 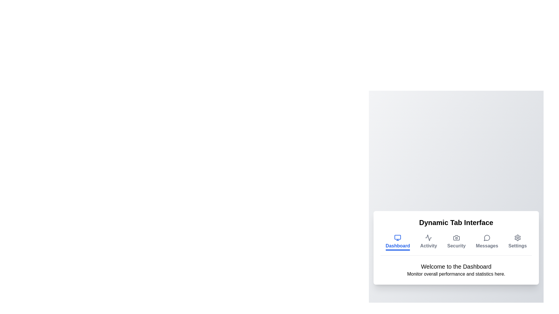 I want to click on the camera icon located in the 'Security' tab of the navigation interface, so click(x=456, y=238).